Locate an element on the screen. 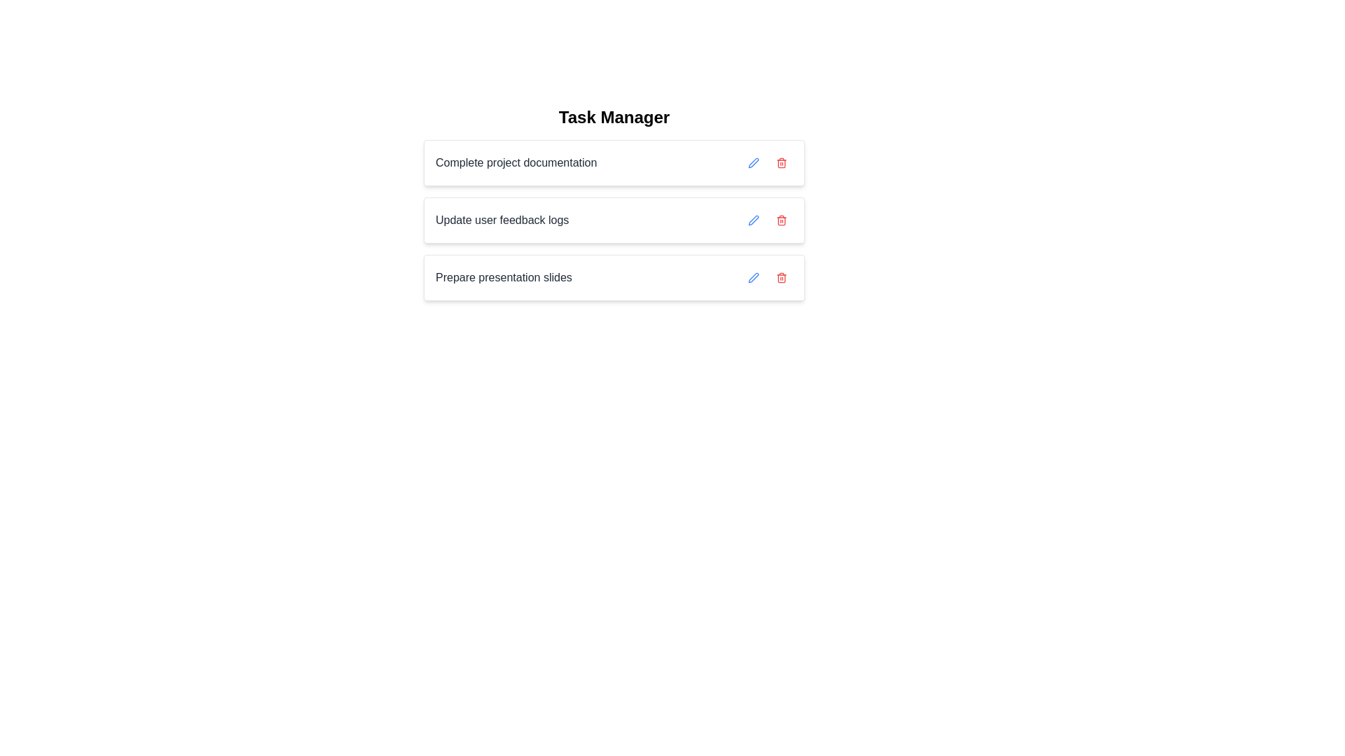  the red trash bin icon is located at coordinates (781, 220).